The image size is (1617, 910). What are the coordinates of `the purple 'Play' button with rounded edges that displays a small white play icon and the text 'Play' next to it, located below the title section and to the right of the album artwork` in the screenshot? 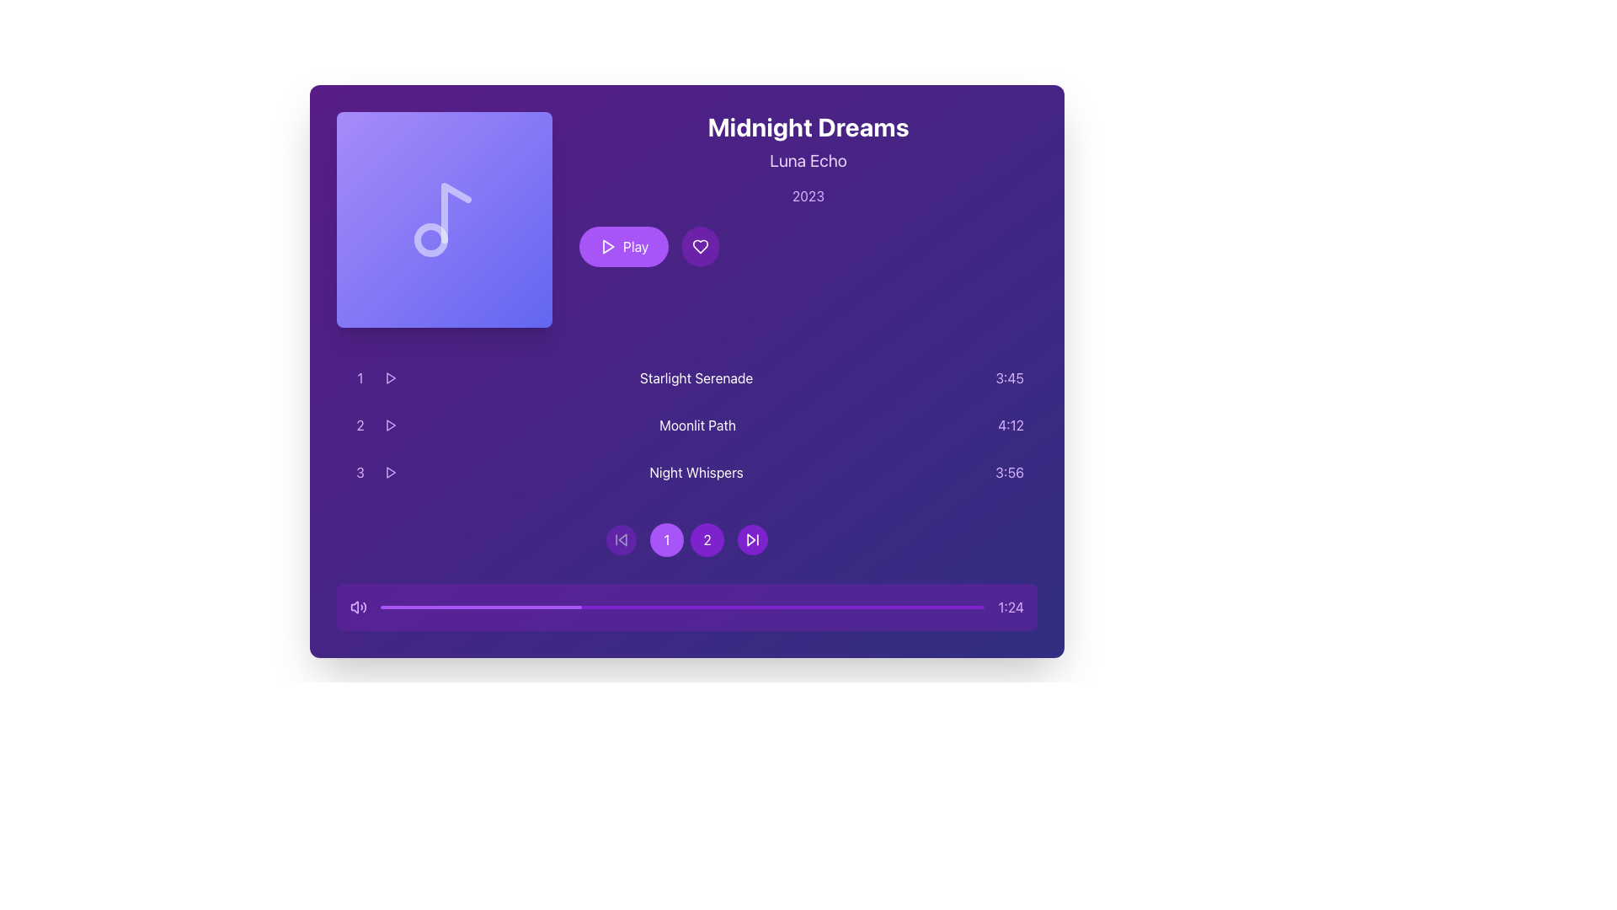 It's located at (623, 247).